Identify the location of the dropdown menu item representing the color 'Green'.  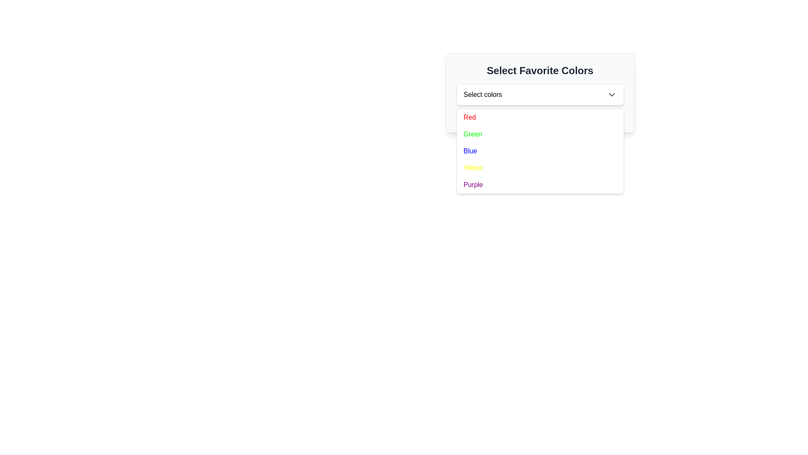
(540, 134).